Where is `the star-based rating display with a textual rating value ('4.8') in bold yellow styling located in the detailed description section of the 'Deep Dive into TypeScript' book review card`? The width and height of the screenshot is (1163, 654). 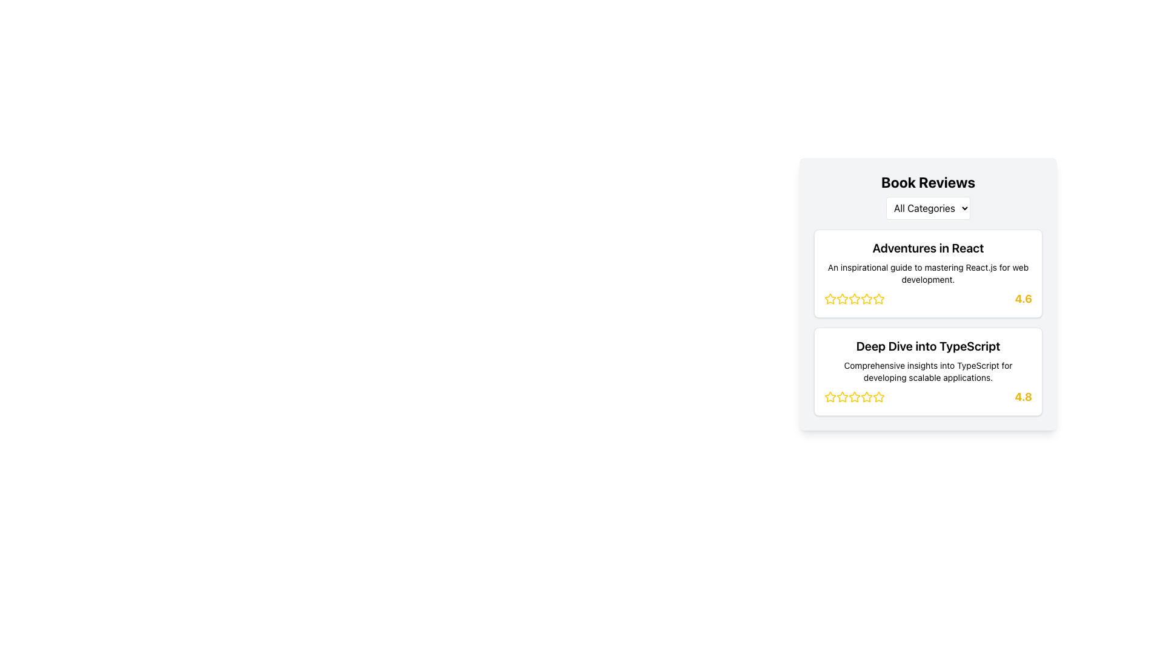
the star-based rating display with a textual rating value ('4.8') in bold yellow styling located in the detailed description section of the 'Deep Dive into TypeScript' book review card is located at coordinates (927, 397).